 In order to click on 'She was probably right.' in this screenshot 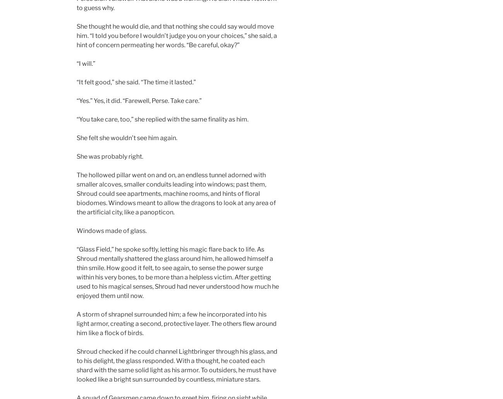, I will do `click(110, 156)`.